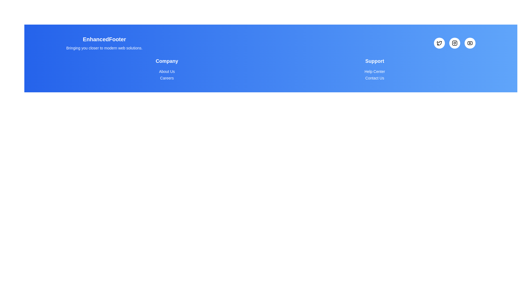  What do you see at coordinates (374, 61) in the screenshot?
I see `the 'Support' text label styled with bold font and large size, located in the footer section above 'Help Center' and 'Contact Us' links` at bounding box center [374, 61].